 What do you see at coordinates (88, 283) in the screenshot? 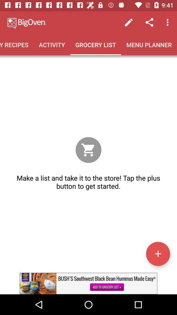
I see `advertisement` at bounding box center [88, 283].